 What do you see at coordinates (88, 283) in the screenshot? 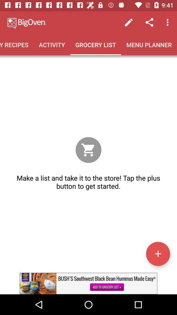
I see `advertisement` at bounding box center [88, 283].